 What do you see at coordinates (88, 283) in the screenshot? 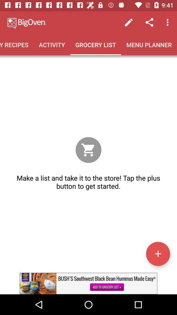
I see `advertisement` at bounding box center [88, 283].